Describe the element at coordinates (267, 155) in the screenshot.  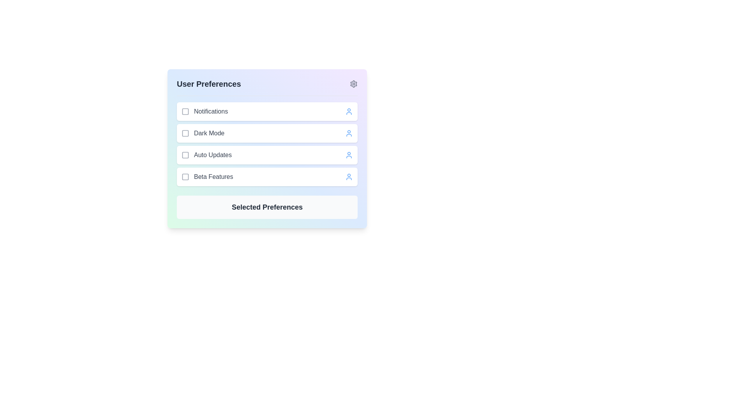
I see `the checkbox labeled 'Auto Updates'` at that location.